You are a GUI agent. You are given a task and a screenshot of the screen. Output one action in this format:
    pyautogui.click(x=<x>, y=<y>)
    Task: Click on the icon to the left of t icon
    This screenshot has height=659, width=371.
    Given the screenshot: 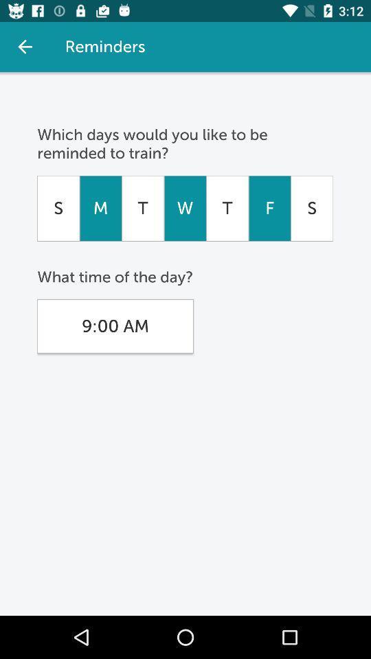 What is the action you would take?
    pyautogui.click(x=185, y=208)
    